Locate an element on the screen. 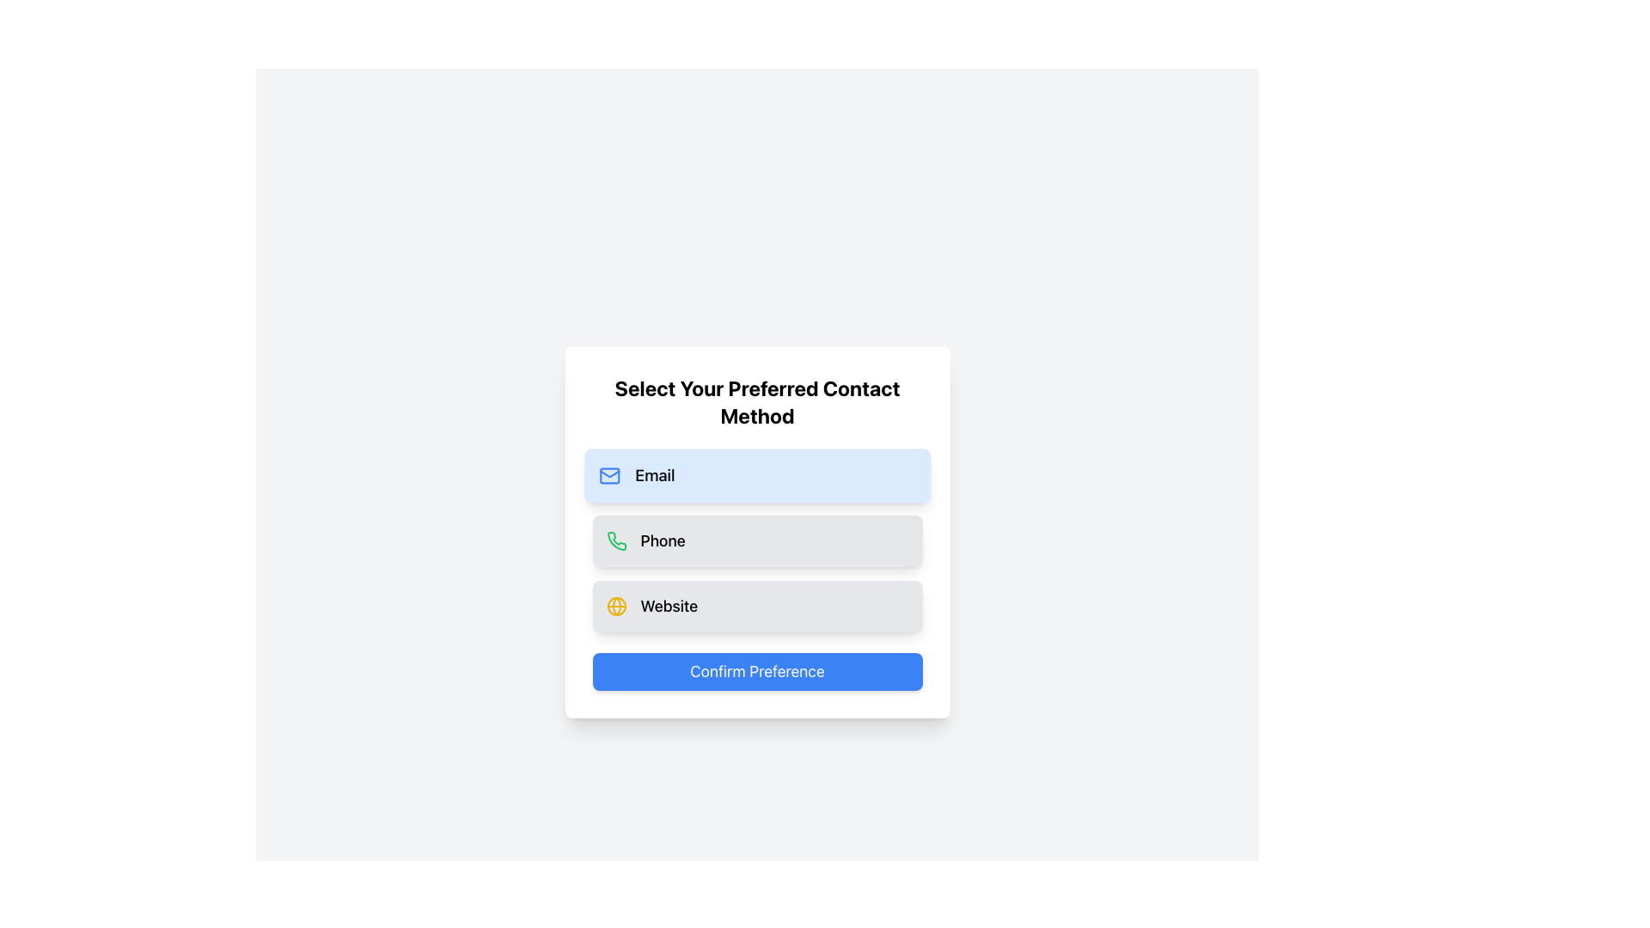 Image resolution: width=1650 pixels, height=928 pixels. the yellow globe icon representing the 'Website' option, positioned to the left of the text 'Website' is located at coordinates (616, 605).